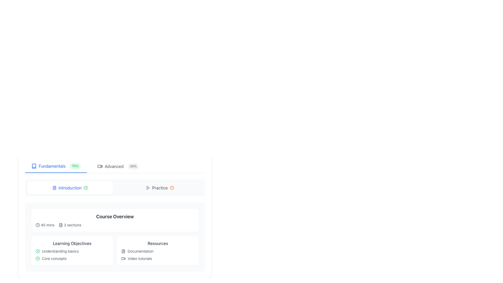 This screenshot has height=283, width=503. I want to click on an item in the grid layout that contains 'Learning Objectives' on the left and 'Resources' on the right, located below the 'Course Overview' section, so click(114, 250).